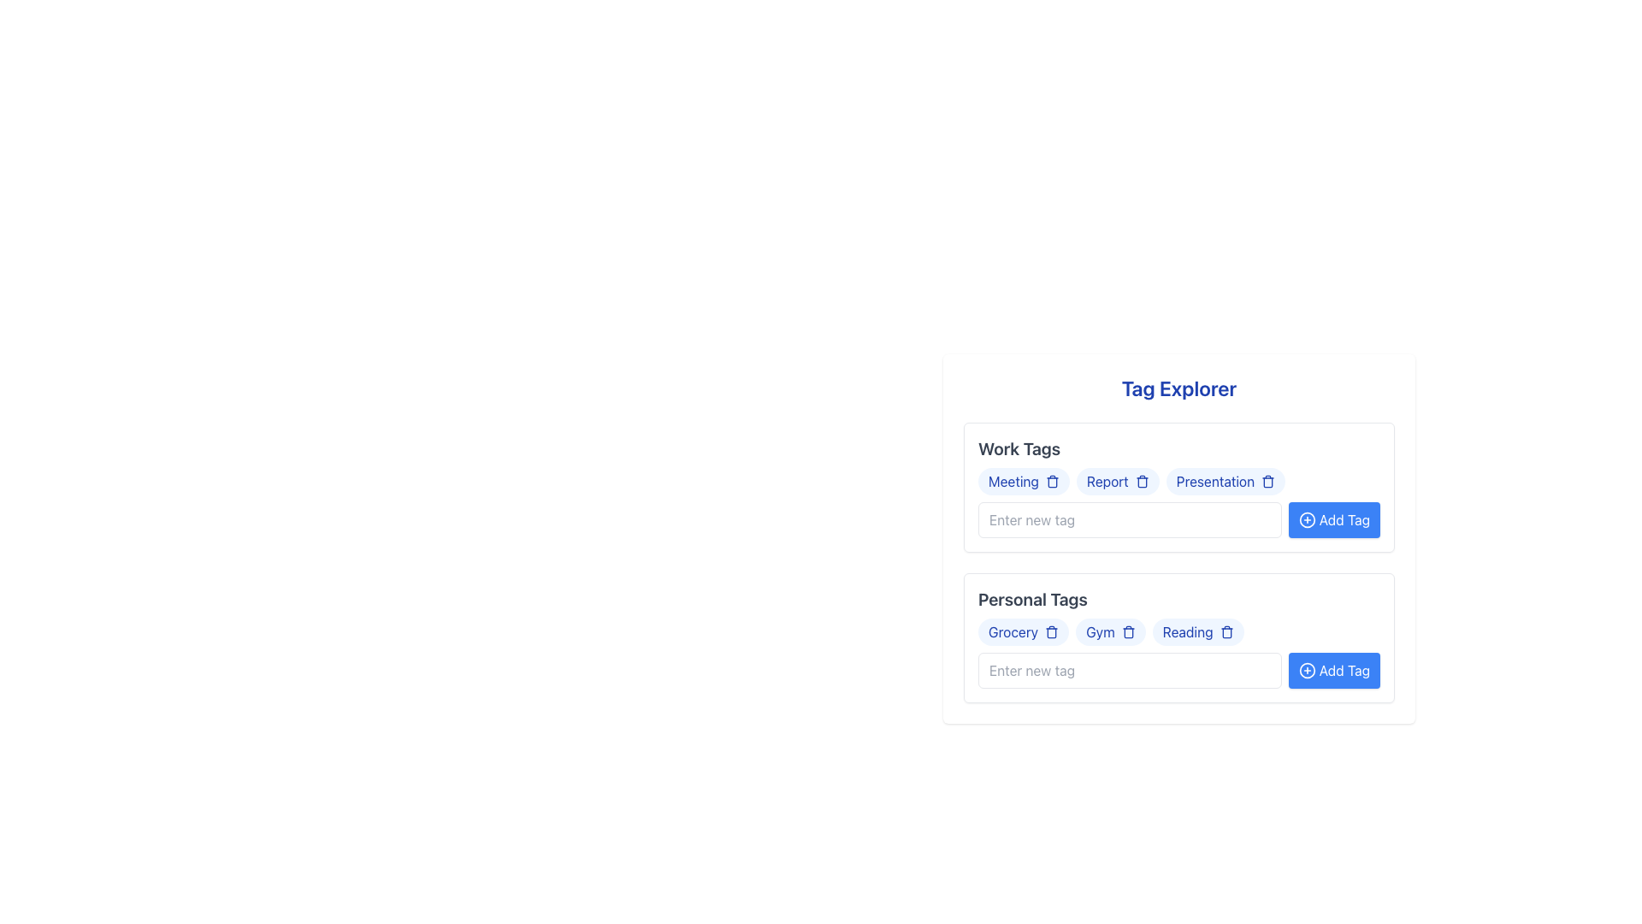 The image size is (1642, 924). Describe the element at coordinates (1306, 669) in the screenshot. I see `the plus sign icon within the circle located at the beginning of the 'Add Tag' button in the 'Personal Tags' section` at that location.